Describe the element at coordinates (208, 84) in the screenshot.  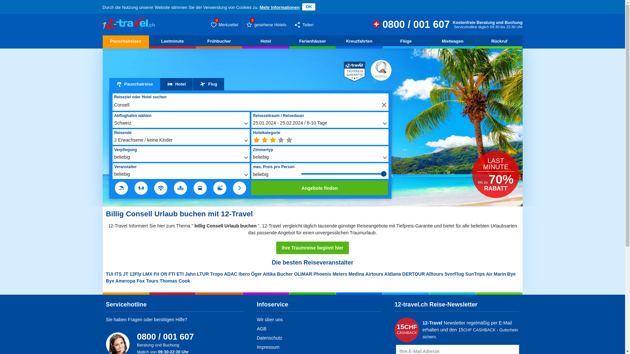
I see `'Flug'` at that location.